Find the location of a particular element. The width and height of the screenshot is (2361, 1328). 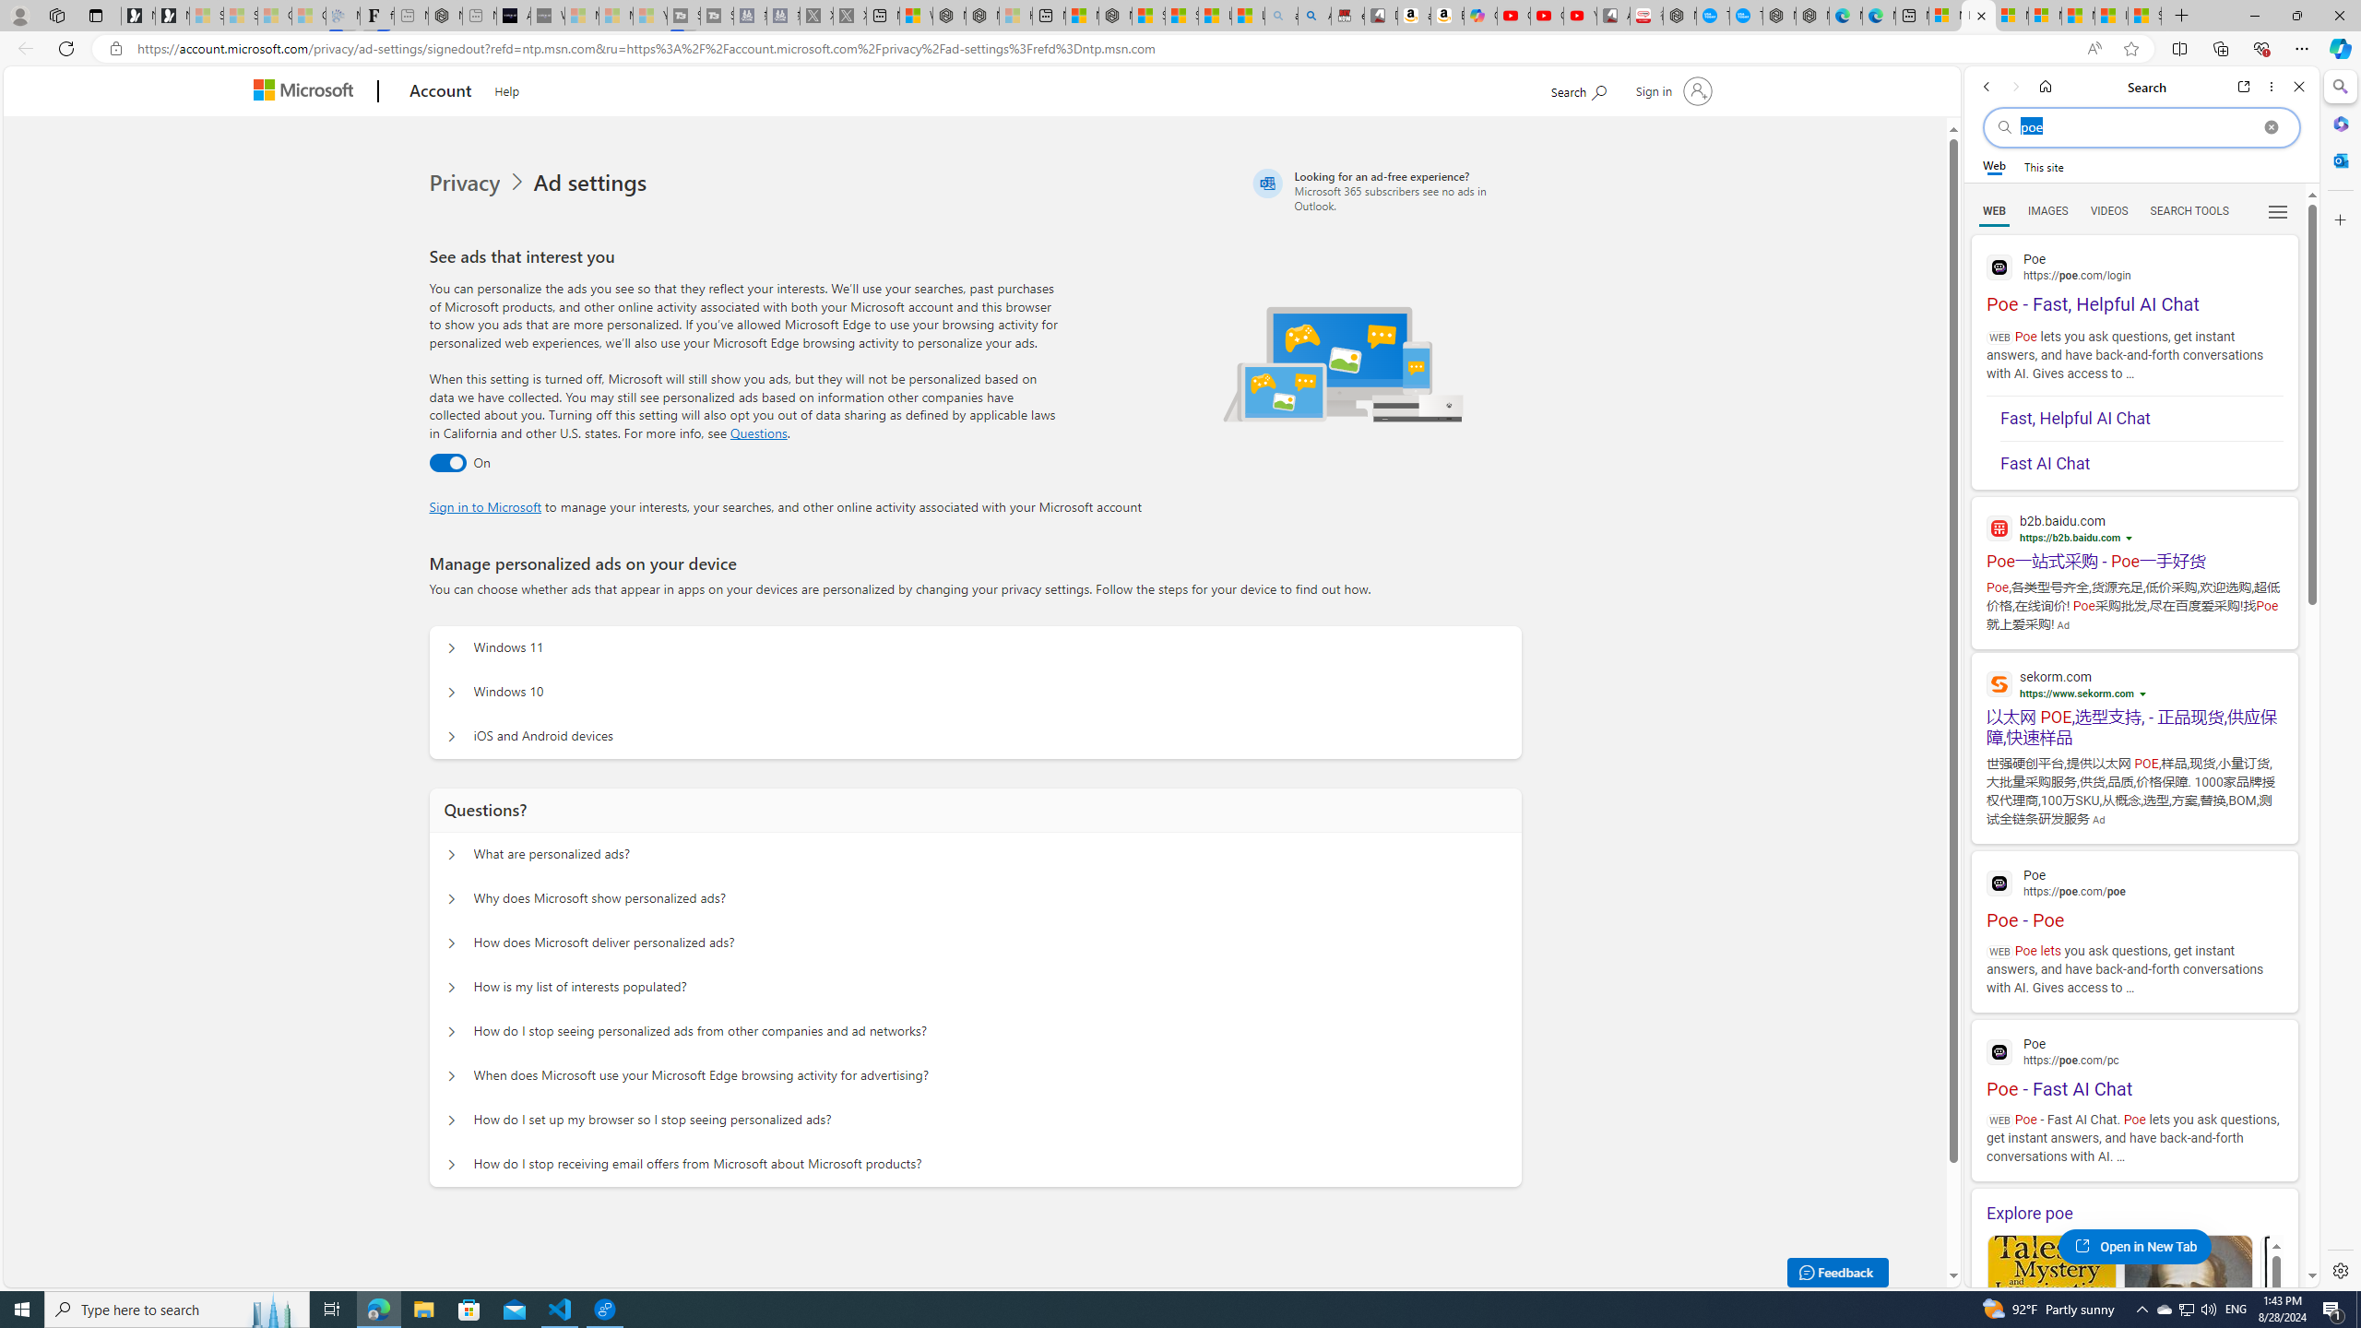

'SEARCH TOOLS' is located at coordinates (2189, 211).